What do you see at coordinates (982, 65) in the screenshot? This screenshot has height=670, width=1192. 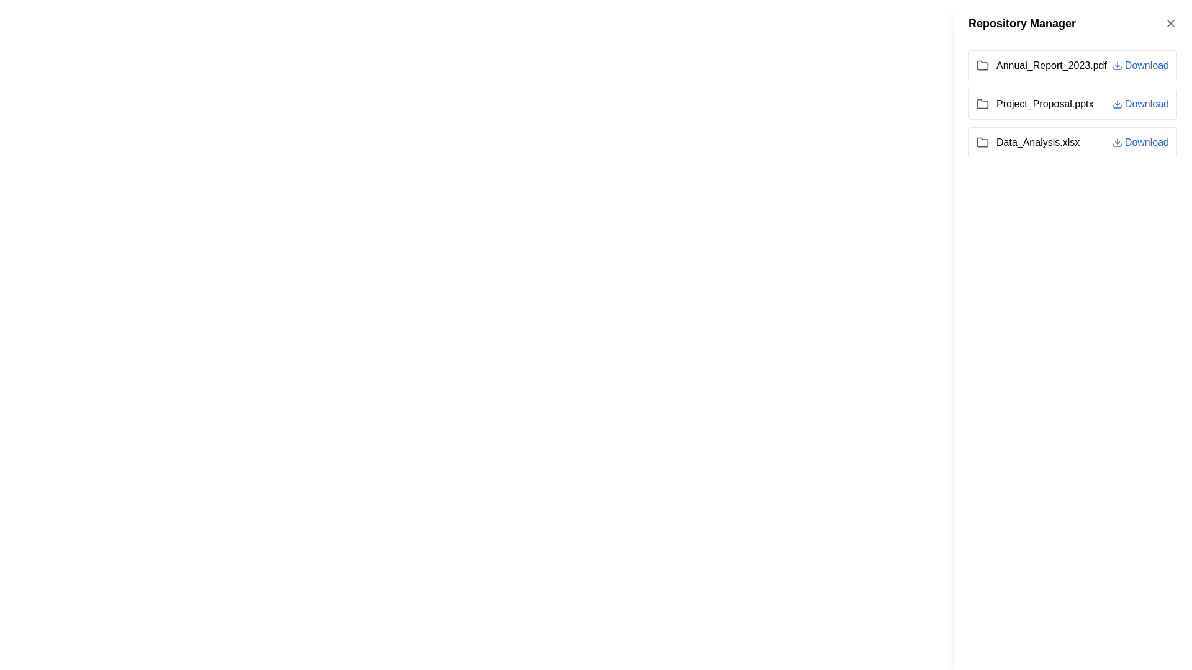 I see `the folder icon representing the file 'Annual_Report_2023.pdf' in the Repository Manager panel` at bounding box center [982, 65].